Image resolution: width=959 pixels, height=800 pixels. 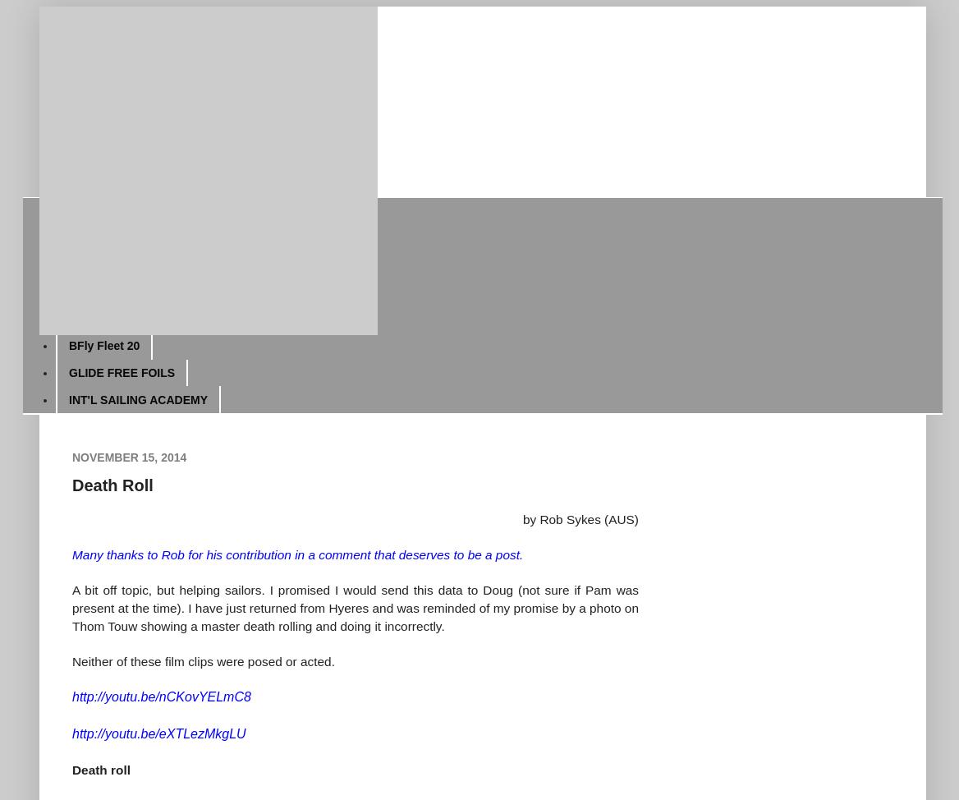 I want to click on 'ILCA', so click(x=80, y=237).